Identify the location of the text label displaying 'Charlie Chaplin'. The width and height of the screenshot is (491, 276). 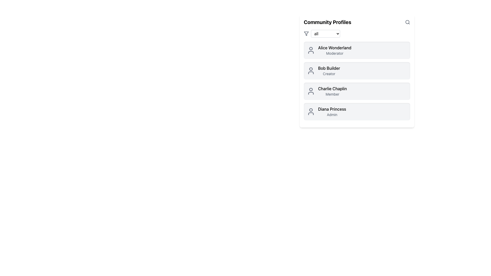
(332, 88).